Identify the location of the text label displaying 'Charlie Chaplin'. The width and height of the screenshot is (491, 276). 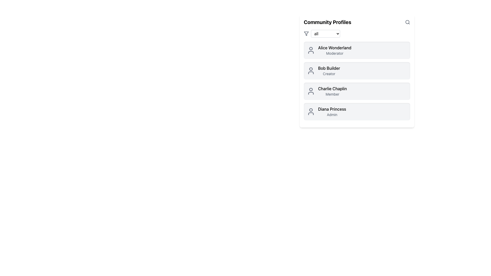
(332, 88).